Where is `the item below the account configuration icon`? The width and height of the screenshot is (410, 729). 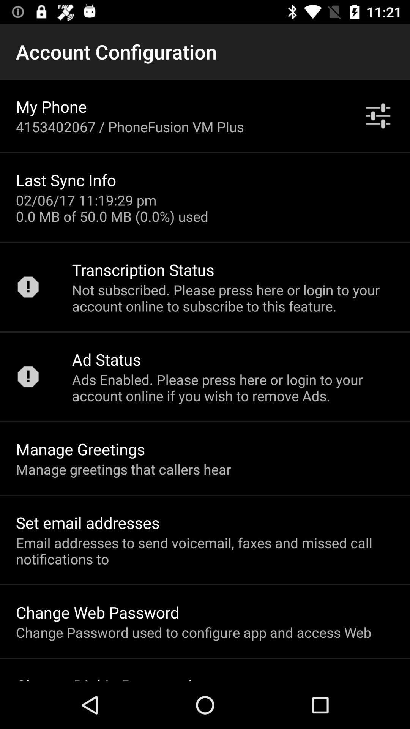
the item below the account configuration icon is located at coordinates (51, 106).